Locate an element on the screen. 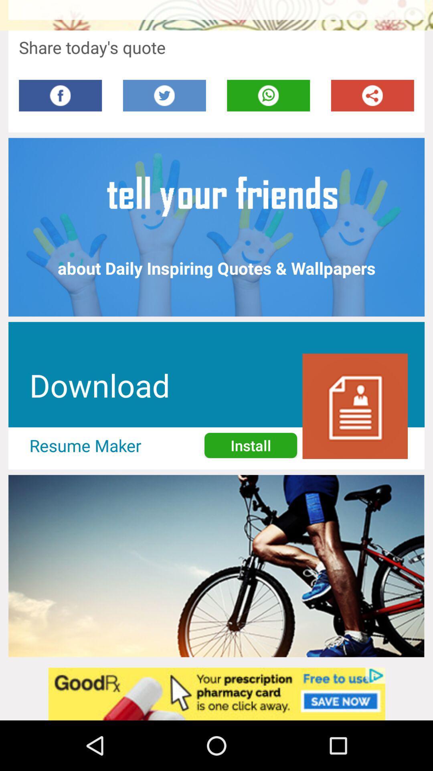 This screenshot has width=433, height=771. mobile option is located at coordinates (268, 96).